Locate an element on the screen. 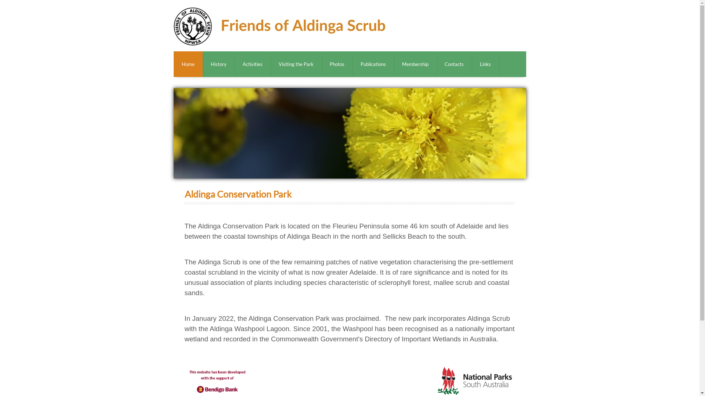 This screenshot has width=705, height=396. 'Membership' is located at coordinates (415, 63).